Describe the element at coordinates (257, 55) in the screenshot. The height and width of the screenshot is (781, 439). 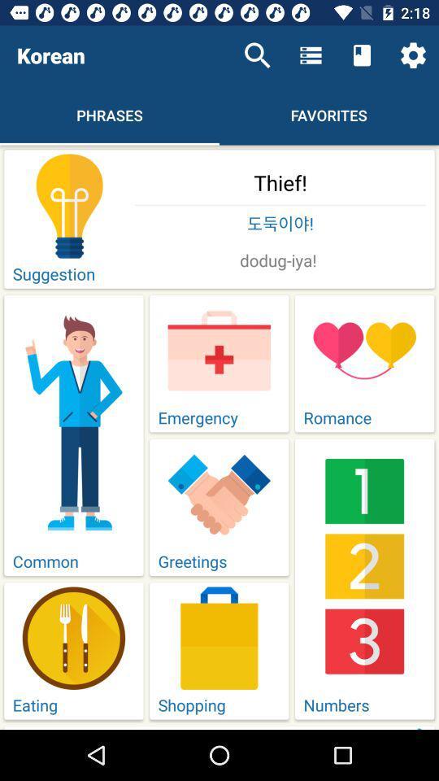
I see `the item above the thief! icon` at that location.